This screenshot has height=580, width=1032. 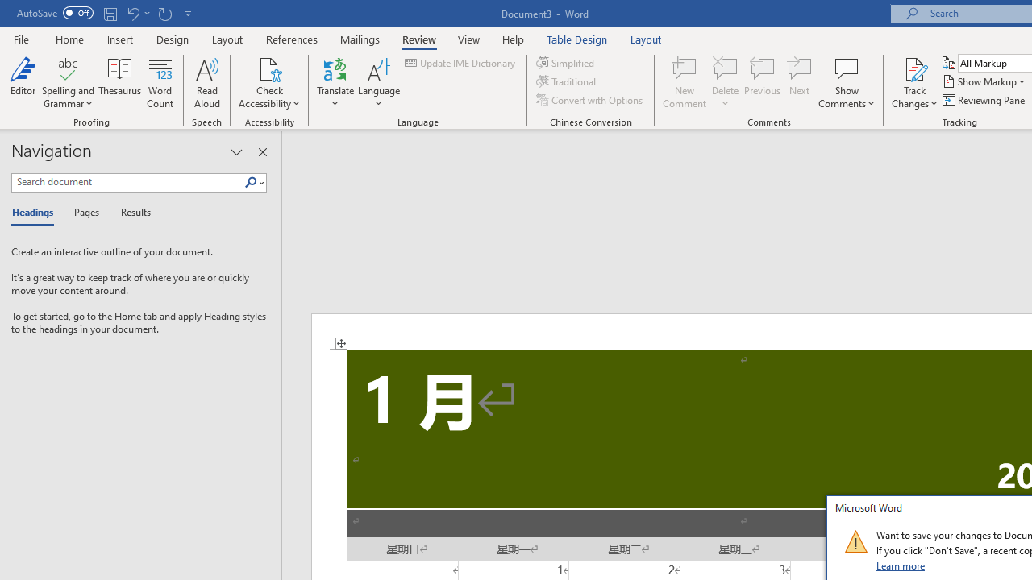 I want to click on 'Home', so click(x=69, y=39).